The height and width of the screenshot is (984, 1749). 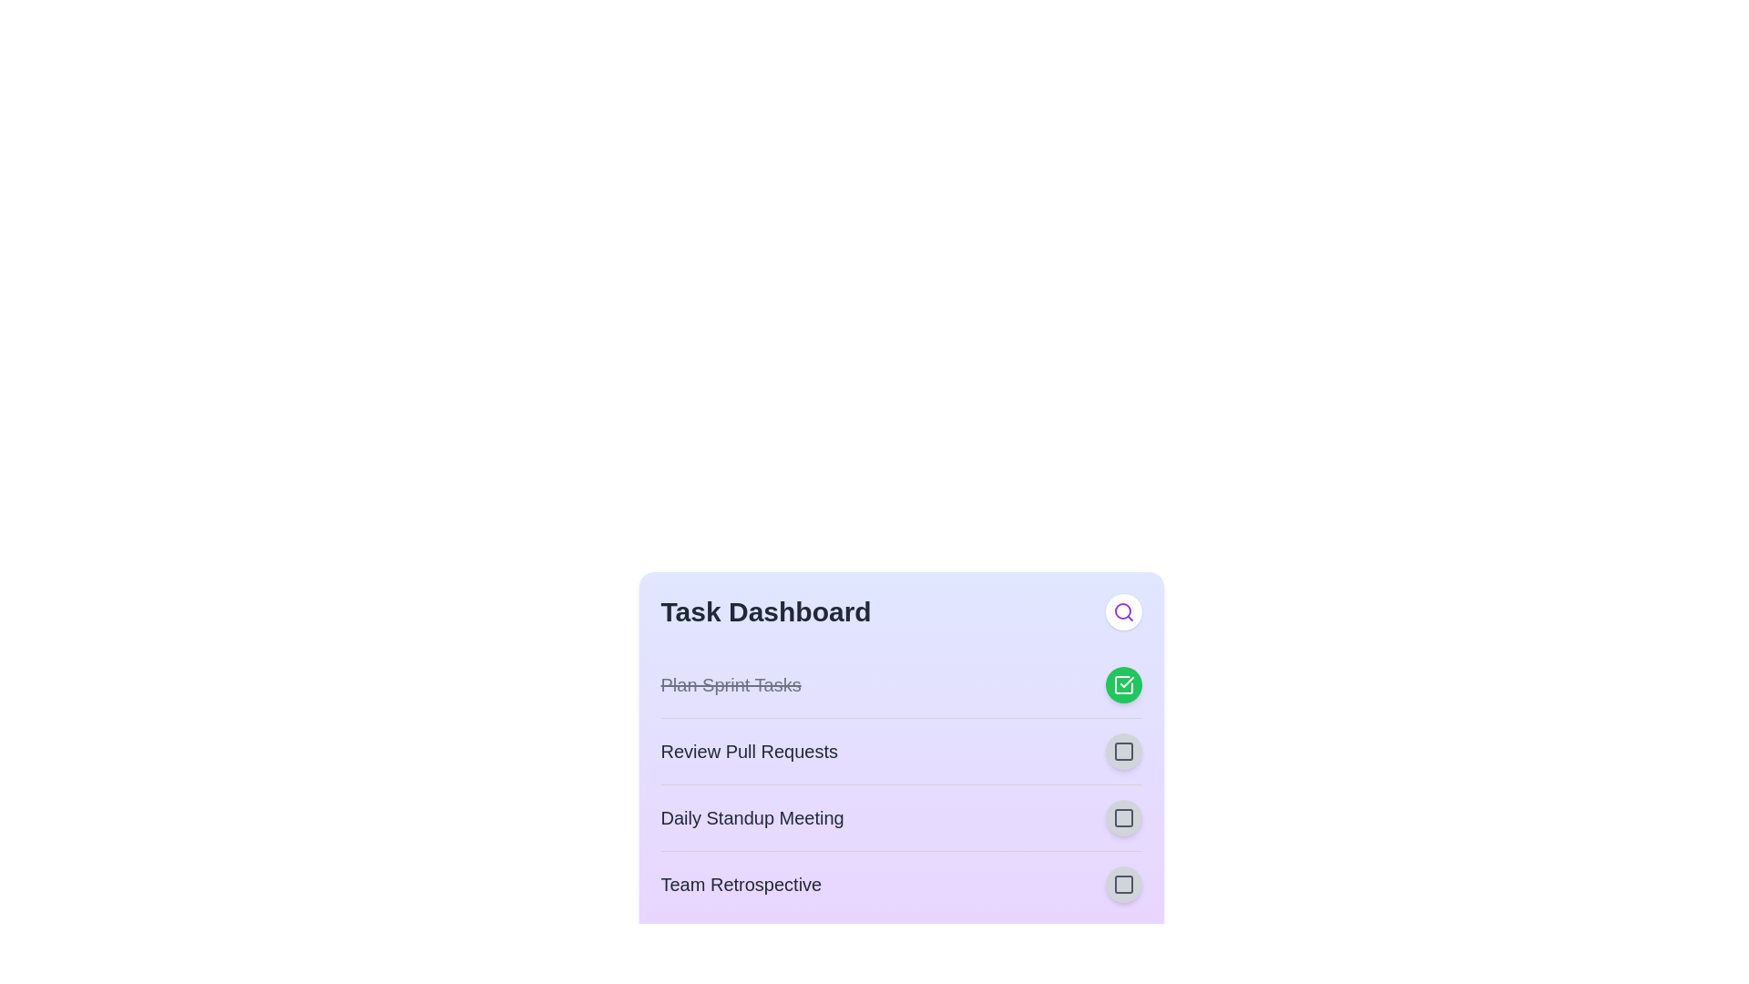 I want to click on the task title 'Plan Sprint Tasks' to focus or select the text, so click(x=731, y=685).